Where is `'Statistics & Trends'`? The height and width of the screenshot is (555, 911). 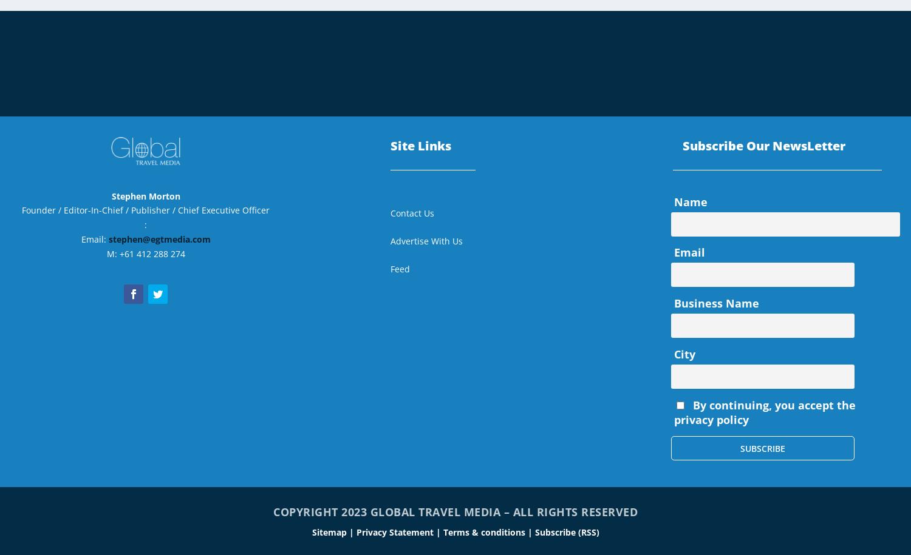 'Statistics & Trends' is located at coordinates (674, 63).